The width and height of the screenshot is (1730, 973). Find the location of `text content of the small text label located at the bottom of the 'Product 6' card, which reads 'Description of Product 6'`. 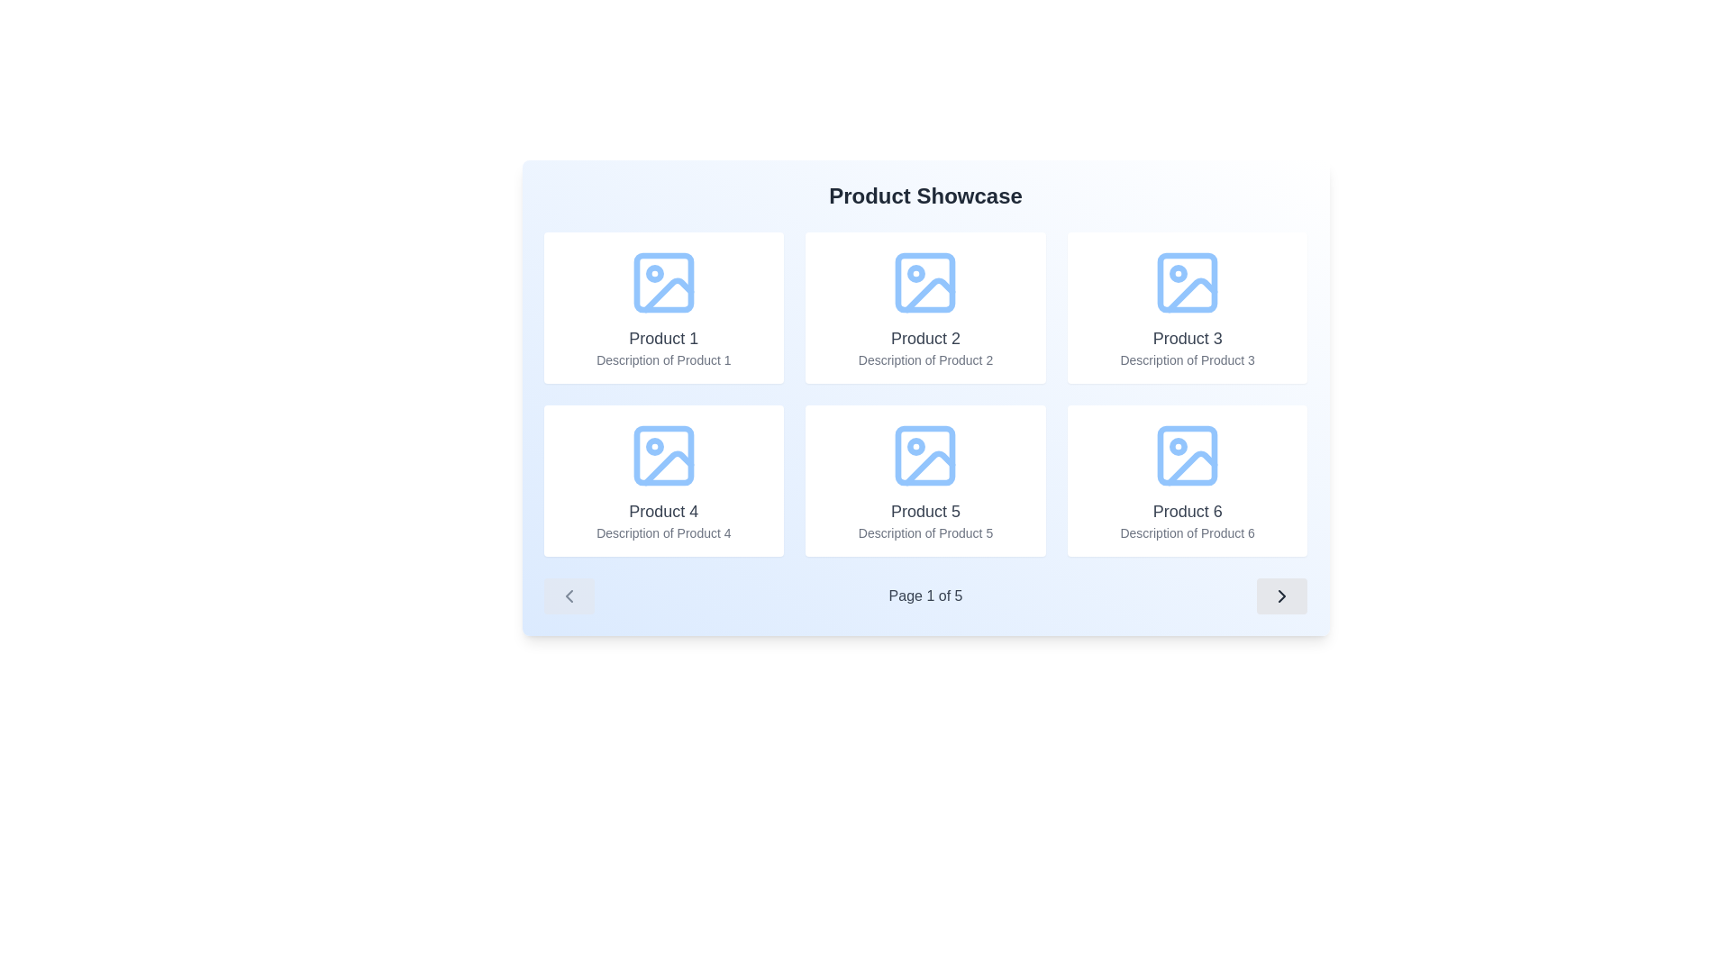

text content of the small text label located at the bottom of the 'Product 6' card, which reads 'Description of Product 6' is located at coordinates (1188, 532).